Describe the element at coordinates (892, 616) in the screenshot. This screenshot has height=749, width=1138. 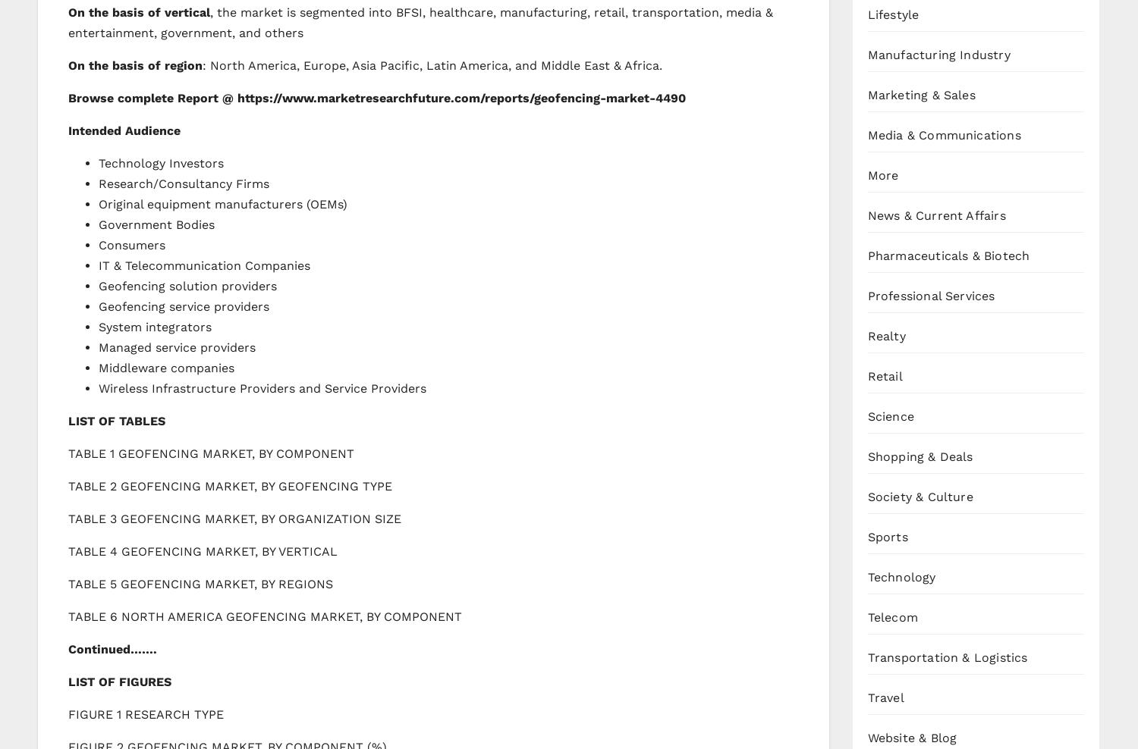
I see `'Telecom'` at that location.